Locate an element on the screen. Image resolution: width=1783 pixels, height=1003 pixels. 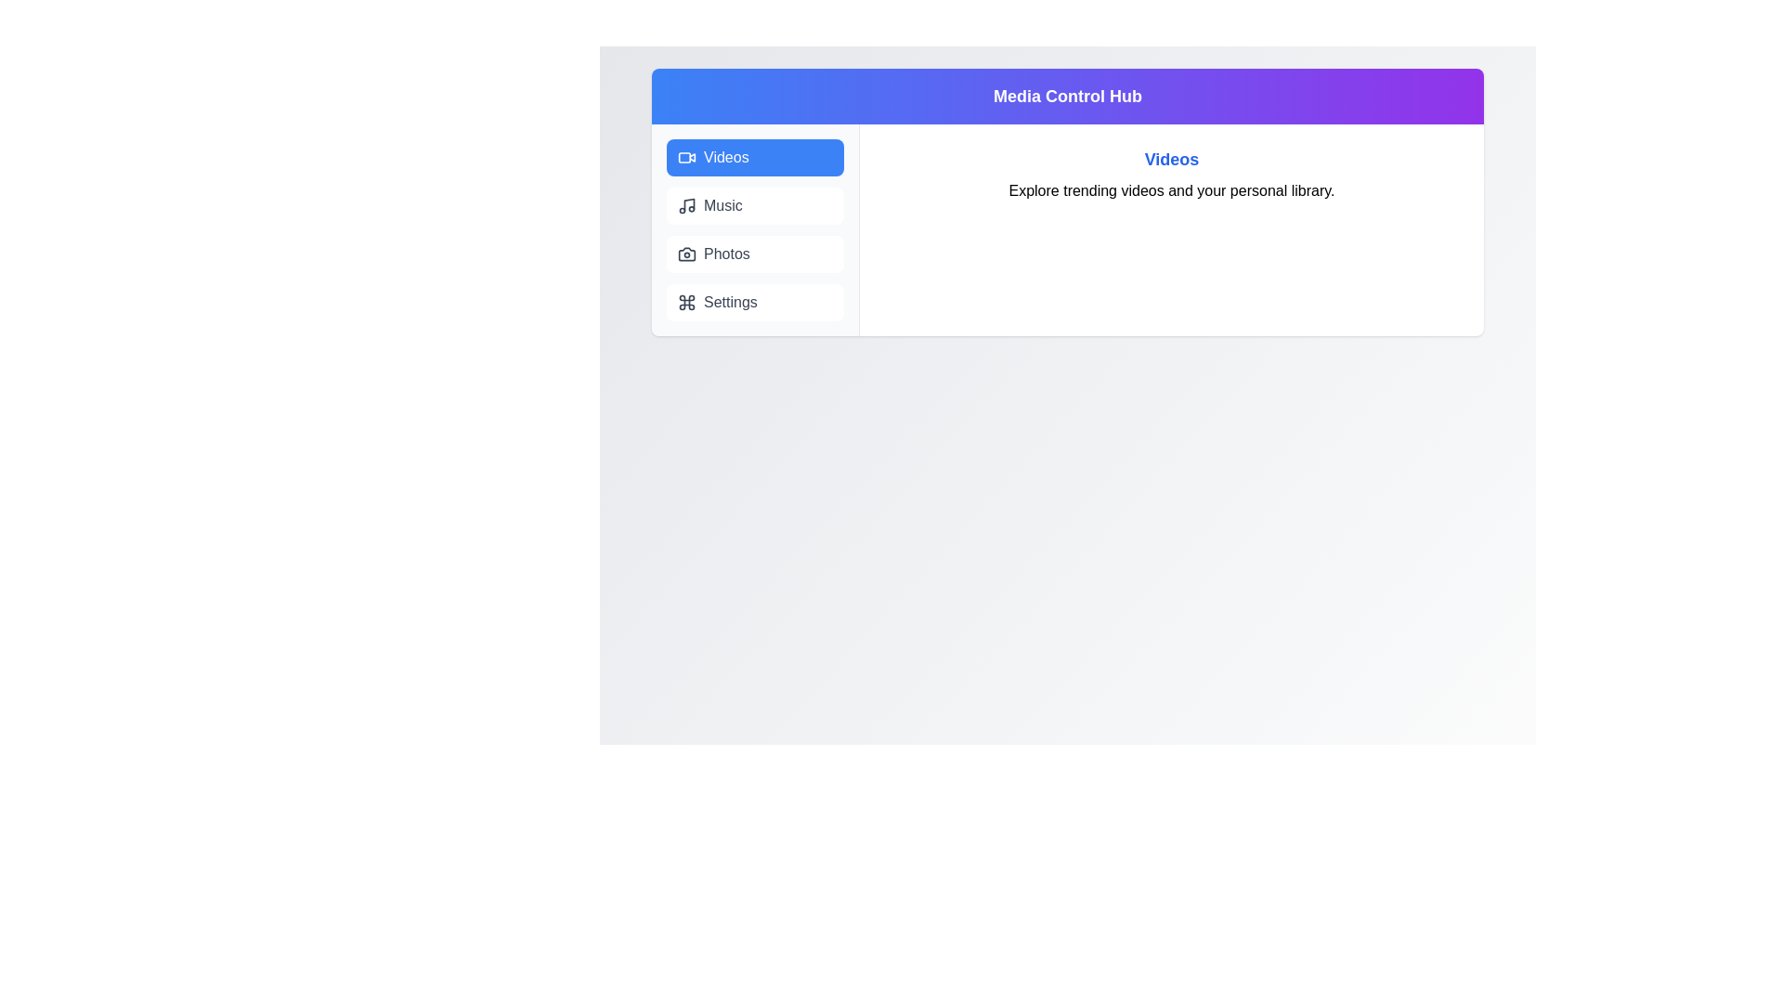
the Music tab to view its content is located at coordinates (755, 206).